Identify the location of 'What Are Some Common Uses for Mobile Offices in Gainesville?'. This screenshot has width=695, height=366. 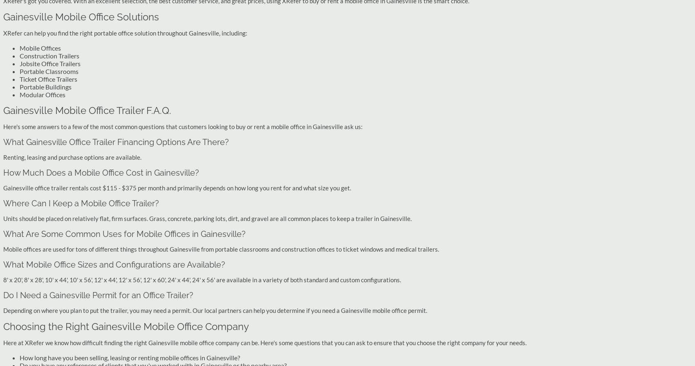
(124, 234).